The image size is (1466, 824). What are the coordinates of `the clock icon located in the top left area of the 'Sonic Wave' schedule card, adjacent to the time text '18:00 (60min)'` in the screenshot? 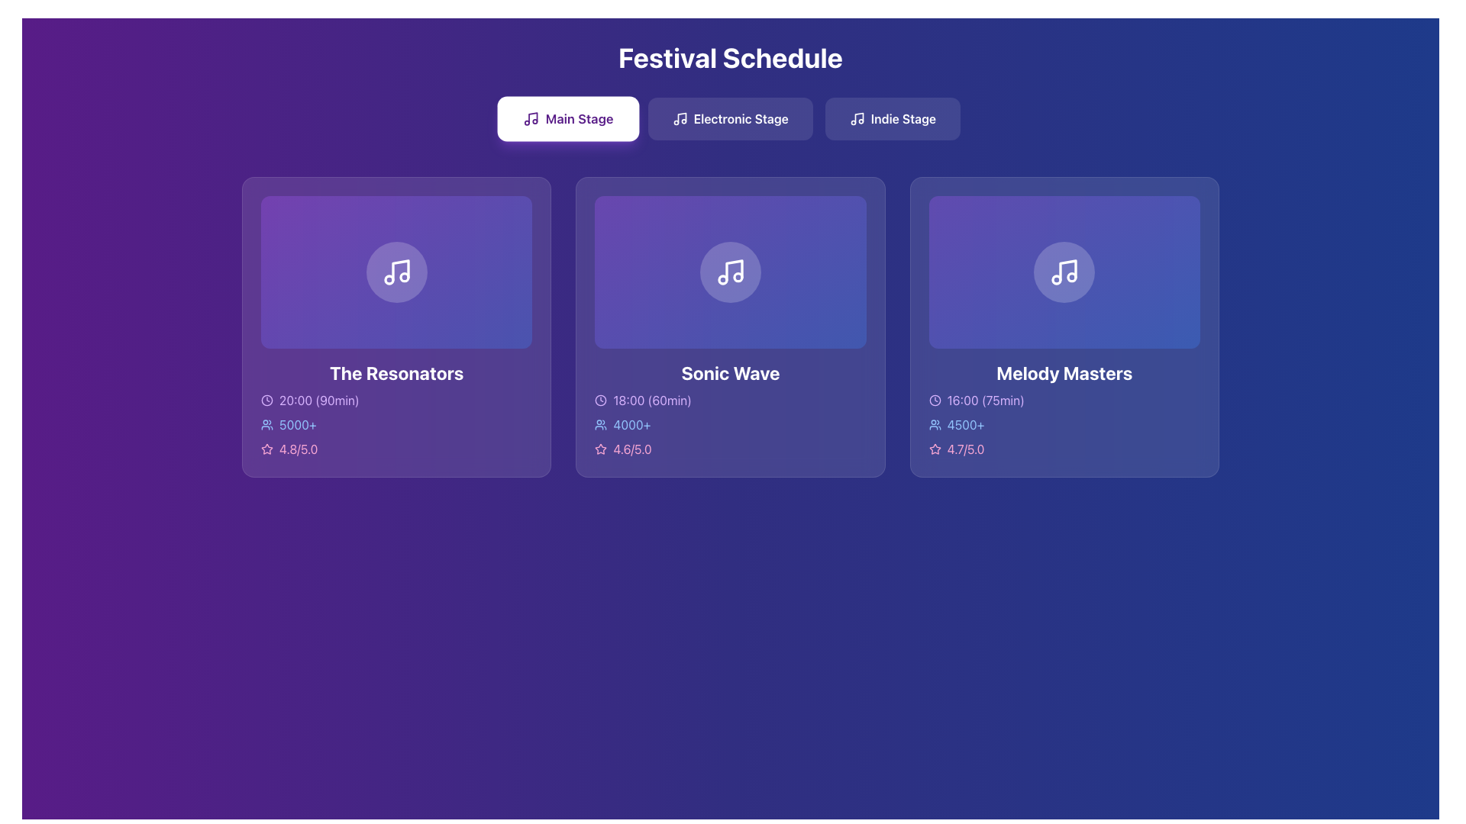 It's located at (600, 399).